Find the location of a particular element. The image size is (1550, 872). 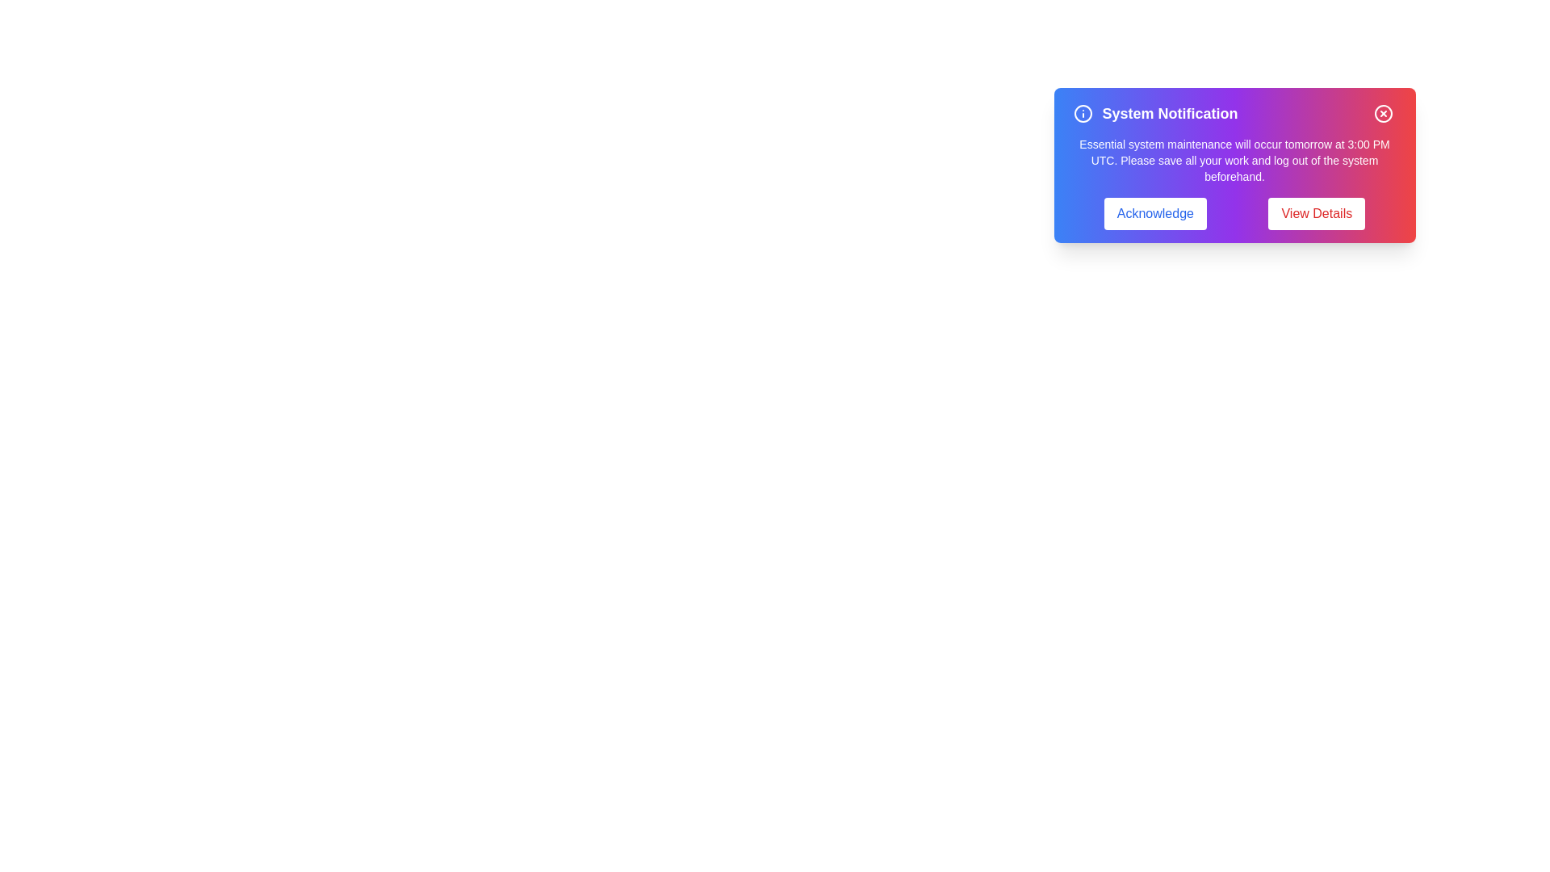

the 'View Details' button is located at coordinates (1317, 213).